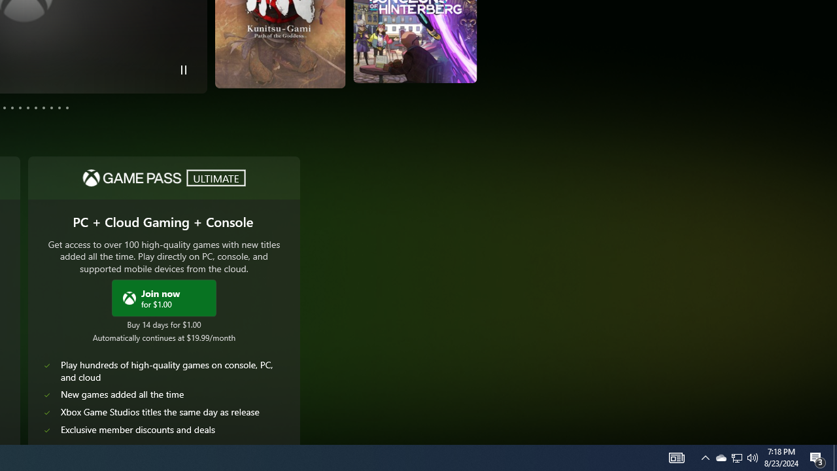 The width and height of the screenshot is (837, 471). Describe the element at coordinates (36, 107) in the screenshot. I see `'Page 8'` at that location.